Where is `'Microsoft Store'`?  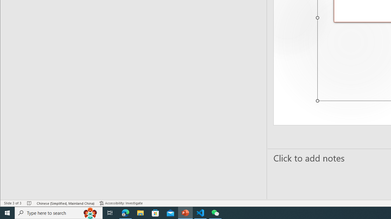
'Microsoft Store' is located at coordinates (155, 212).